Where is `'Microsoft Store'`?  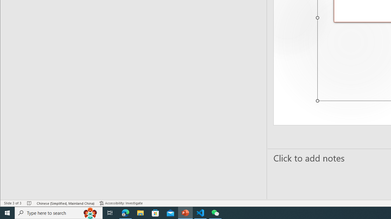
'Microsoft Store' is located at coordinates (155, 212).